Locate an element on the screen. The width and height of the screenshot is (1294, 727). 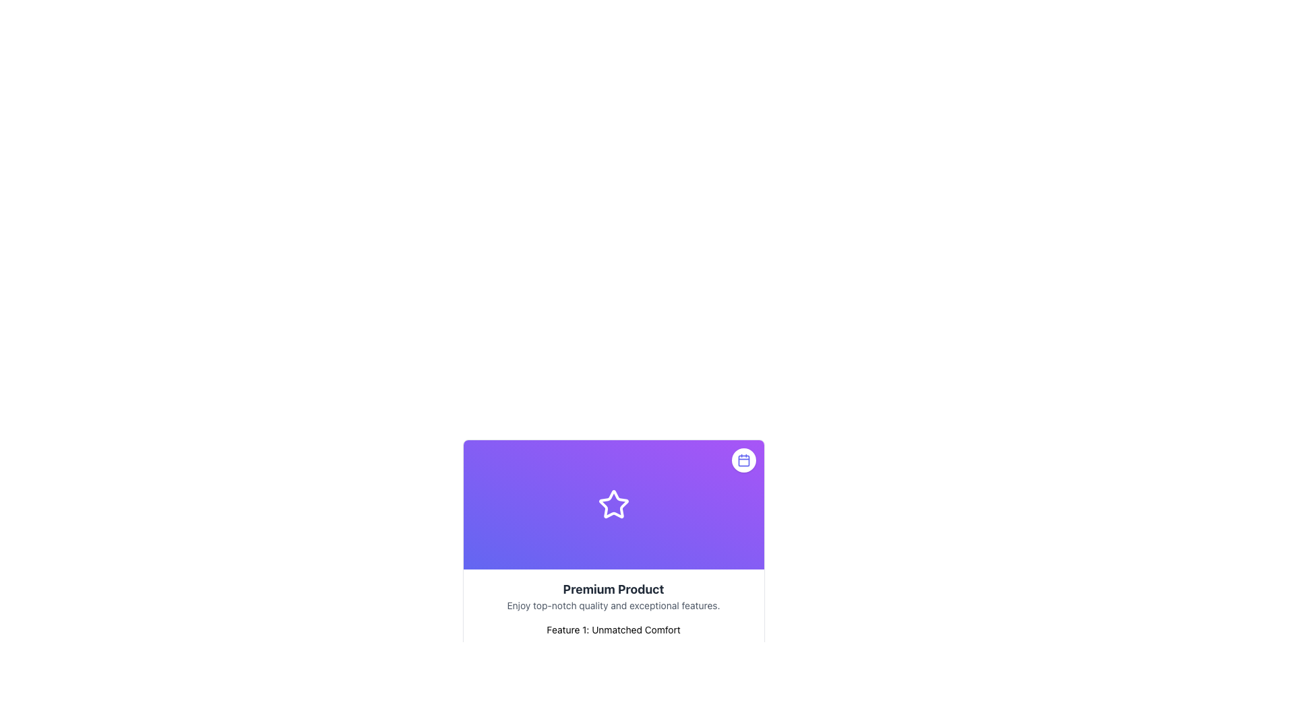
the symmetrical star-shaped icon with a hollow center that is positioned against a purple gradient background, located above the text 'Premium Product' is located at coordinates (613, 504).